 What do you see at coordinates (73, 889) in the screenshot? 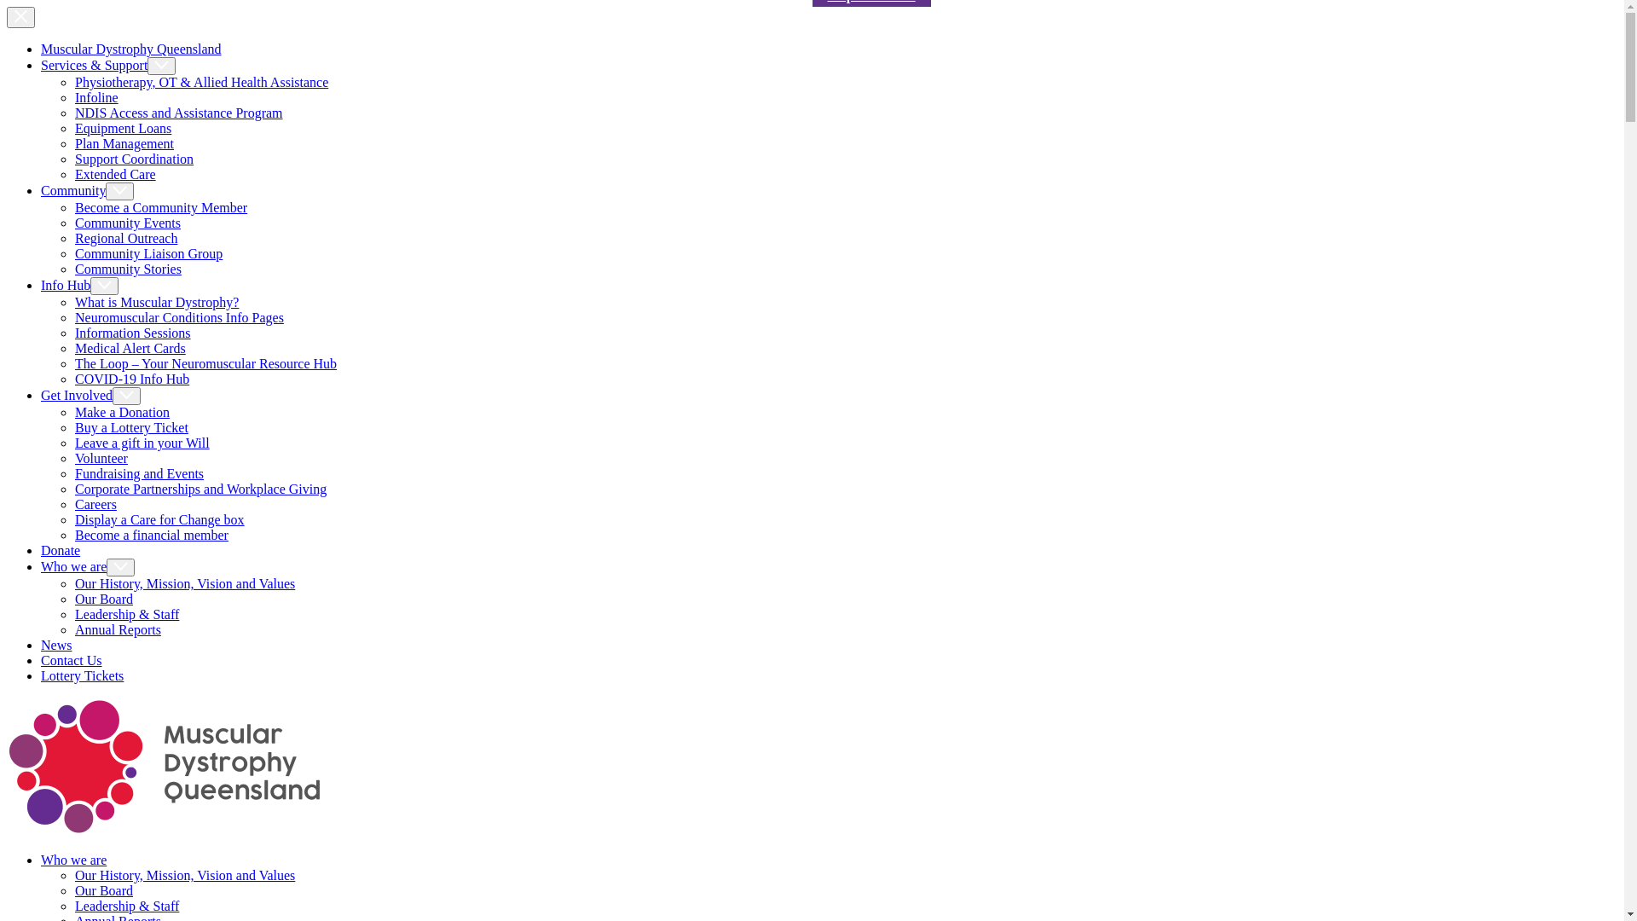
I see `'Our Board'` at bounding box center [73, 889].